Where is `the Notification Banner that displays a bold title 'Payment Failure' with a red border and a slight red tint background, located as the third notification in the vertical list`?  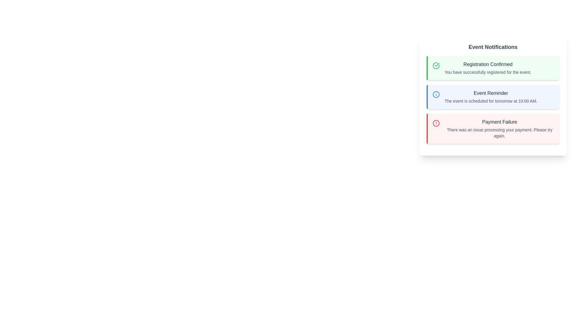
the Notification Banner that displays a bold title 'Payment Failure' with a red border and a slight red tint background, located as the third notification in the vertical list is located at coordinates (499, 128).